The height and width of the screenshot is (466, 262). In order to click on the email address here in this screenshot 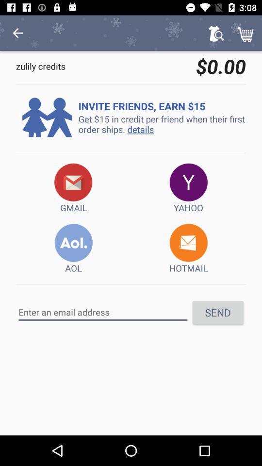, I will do `click(102, 312)`.